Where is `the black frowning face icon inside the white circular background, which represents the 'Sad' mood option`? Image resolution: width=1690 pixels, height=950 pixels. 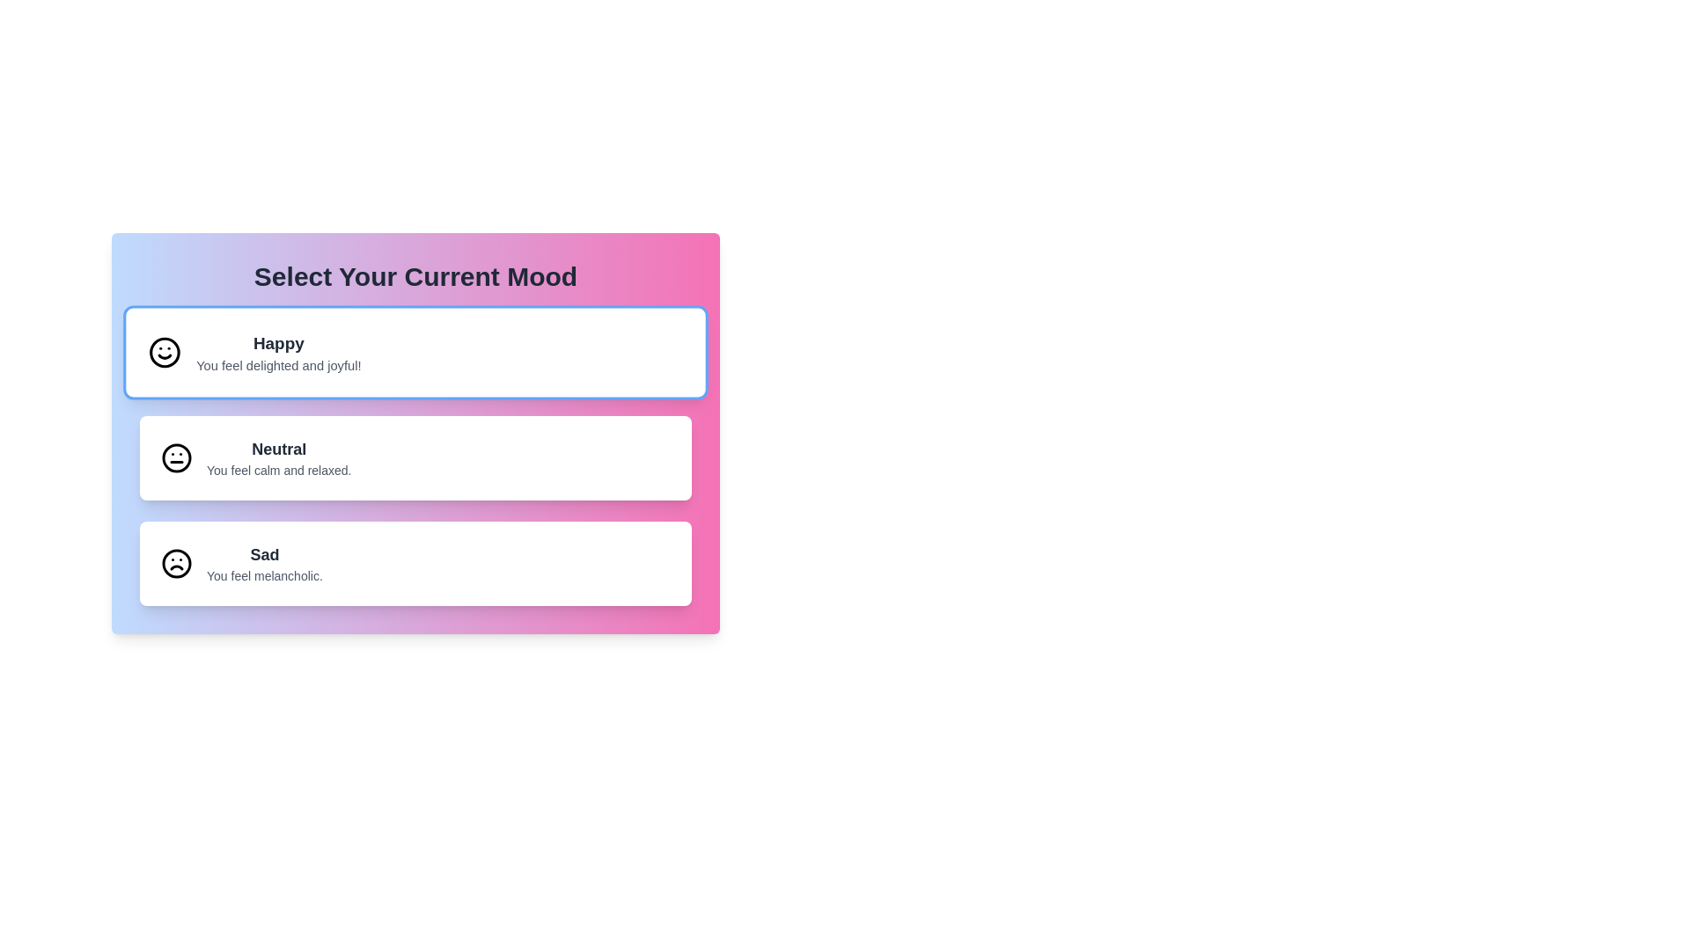 the black frowning face icon inside the white circular background, which represents the 'Sad' mood option is located at coordinates (177, 563).